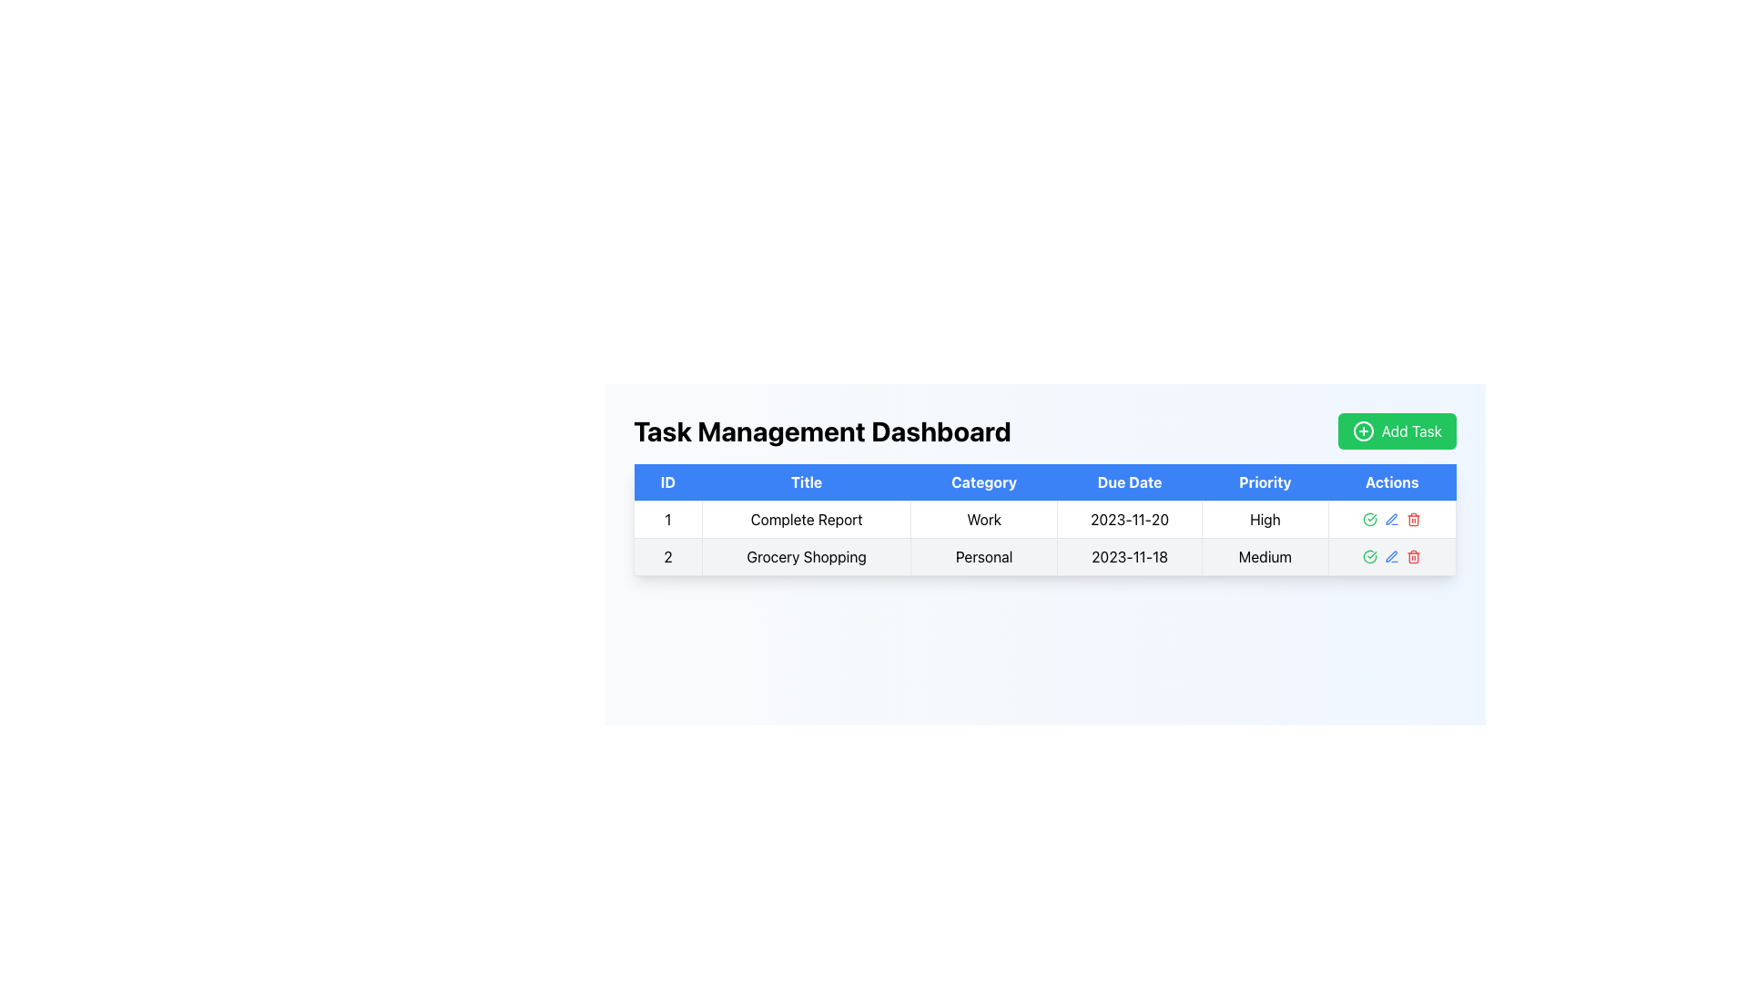 This screenshot has width=1748, height=983. Describe the element at coordinates (1129, 556) in the screenshot. I see `the date text label '2023-11-18' located in the fourth column of the second row of the table related to 'Grocery Shopping'` at that location.